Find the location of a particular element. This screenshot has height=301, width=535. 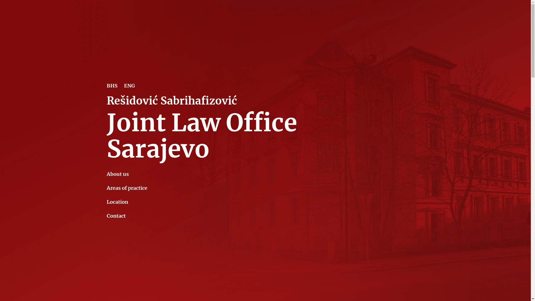

'Location' is located at coordinates (127, 202).